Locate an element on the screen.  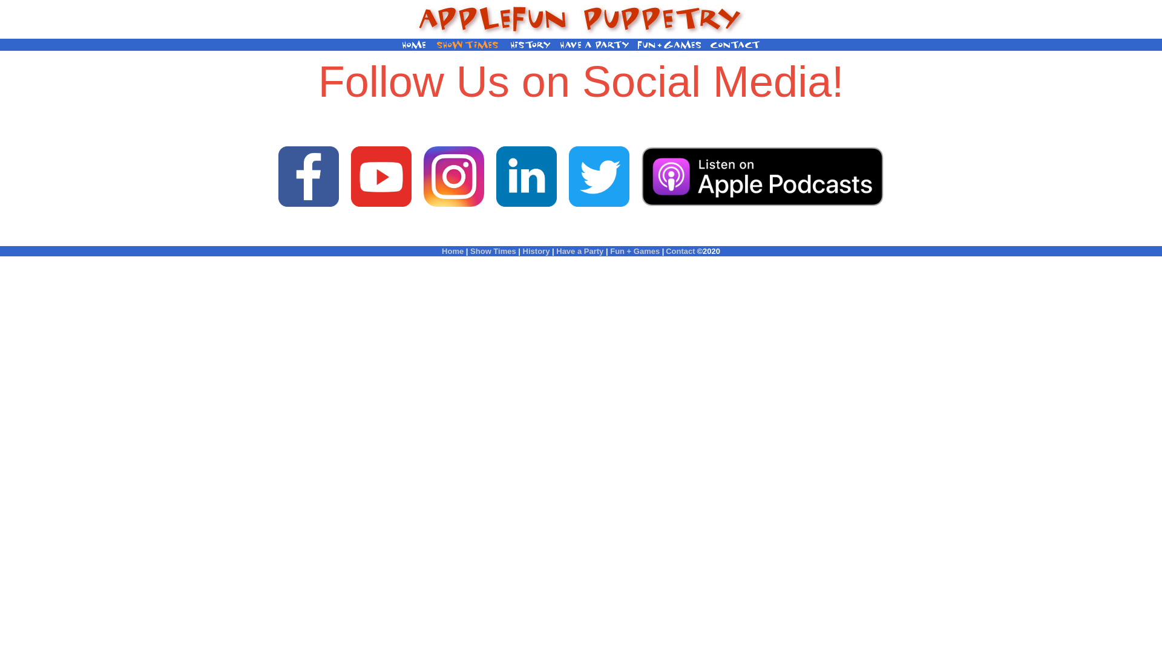
'Contact' is located at coordinates (680, 251).